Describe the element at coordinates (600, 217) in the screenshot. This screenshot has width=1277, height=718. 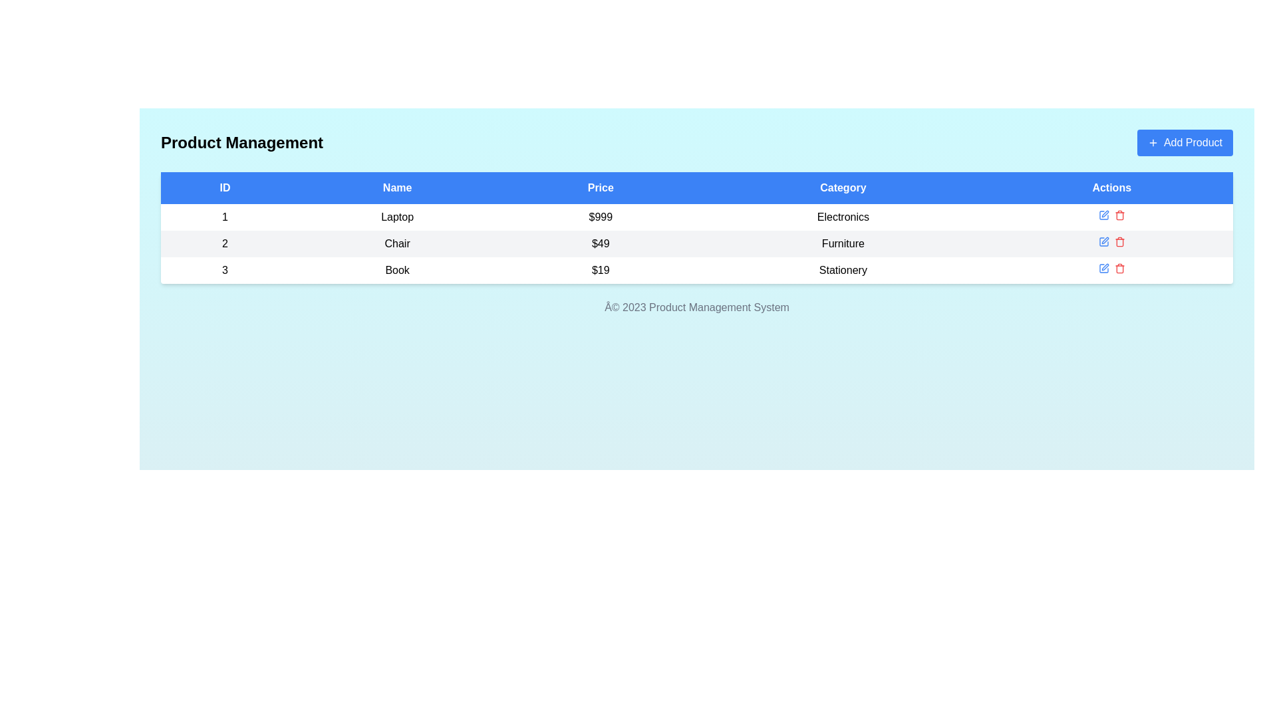
I see `the price display element for the product 'Laptop', which is positioned in the third column of the table layout, ensuring visibility and emphasis on the price` at that location.